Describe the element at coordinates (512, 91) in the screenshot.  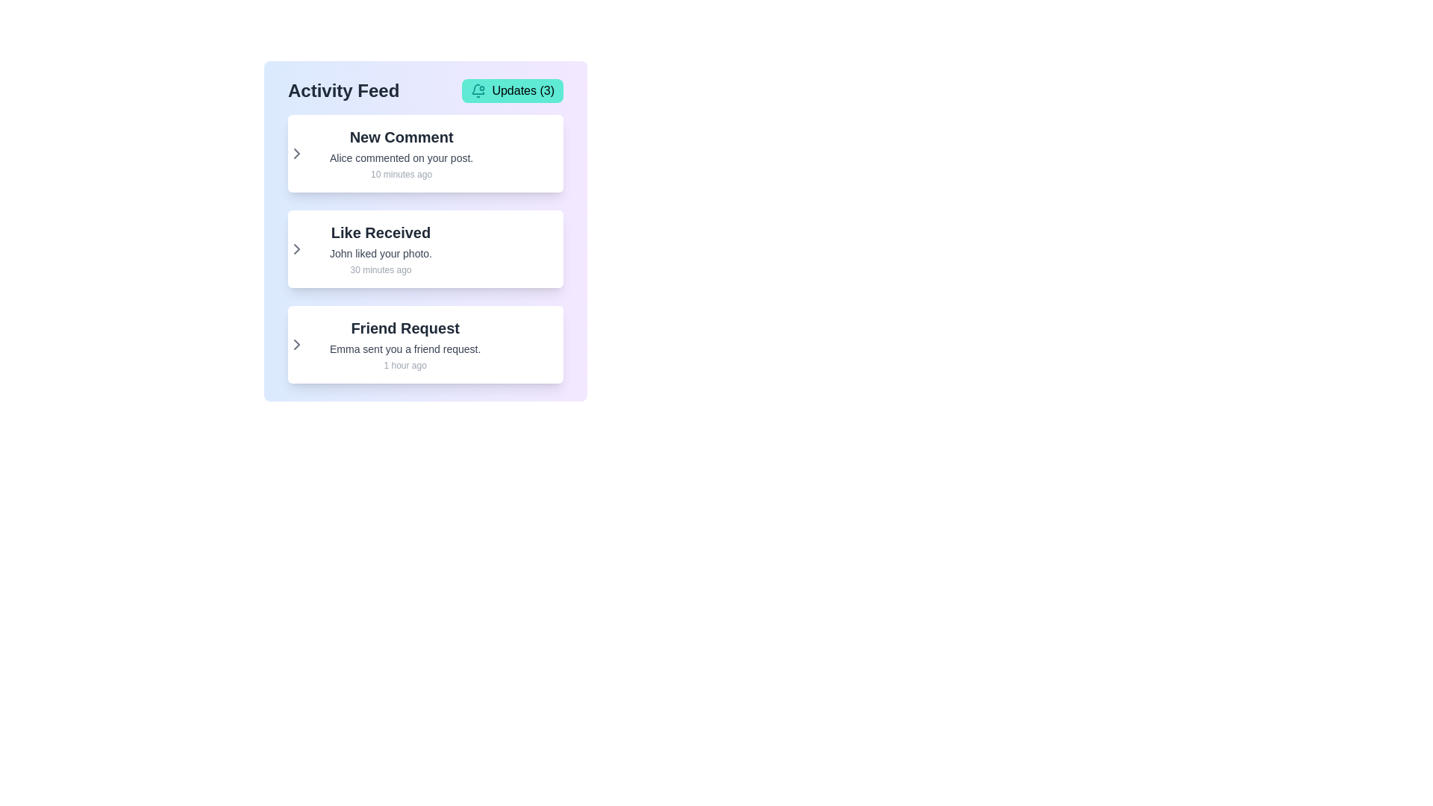
I see `the 'Updates' button to open the updates section` at that location.